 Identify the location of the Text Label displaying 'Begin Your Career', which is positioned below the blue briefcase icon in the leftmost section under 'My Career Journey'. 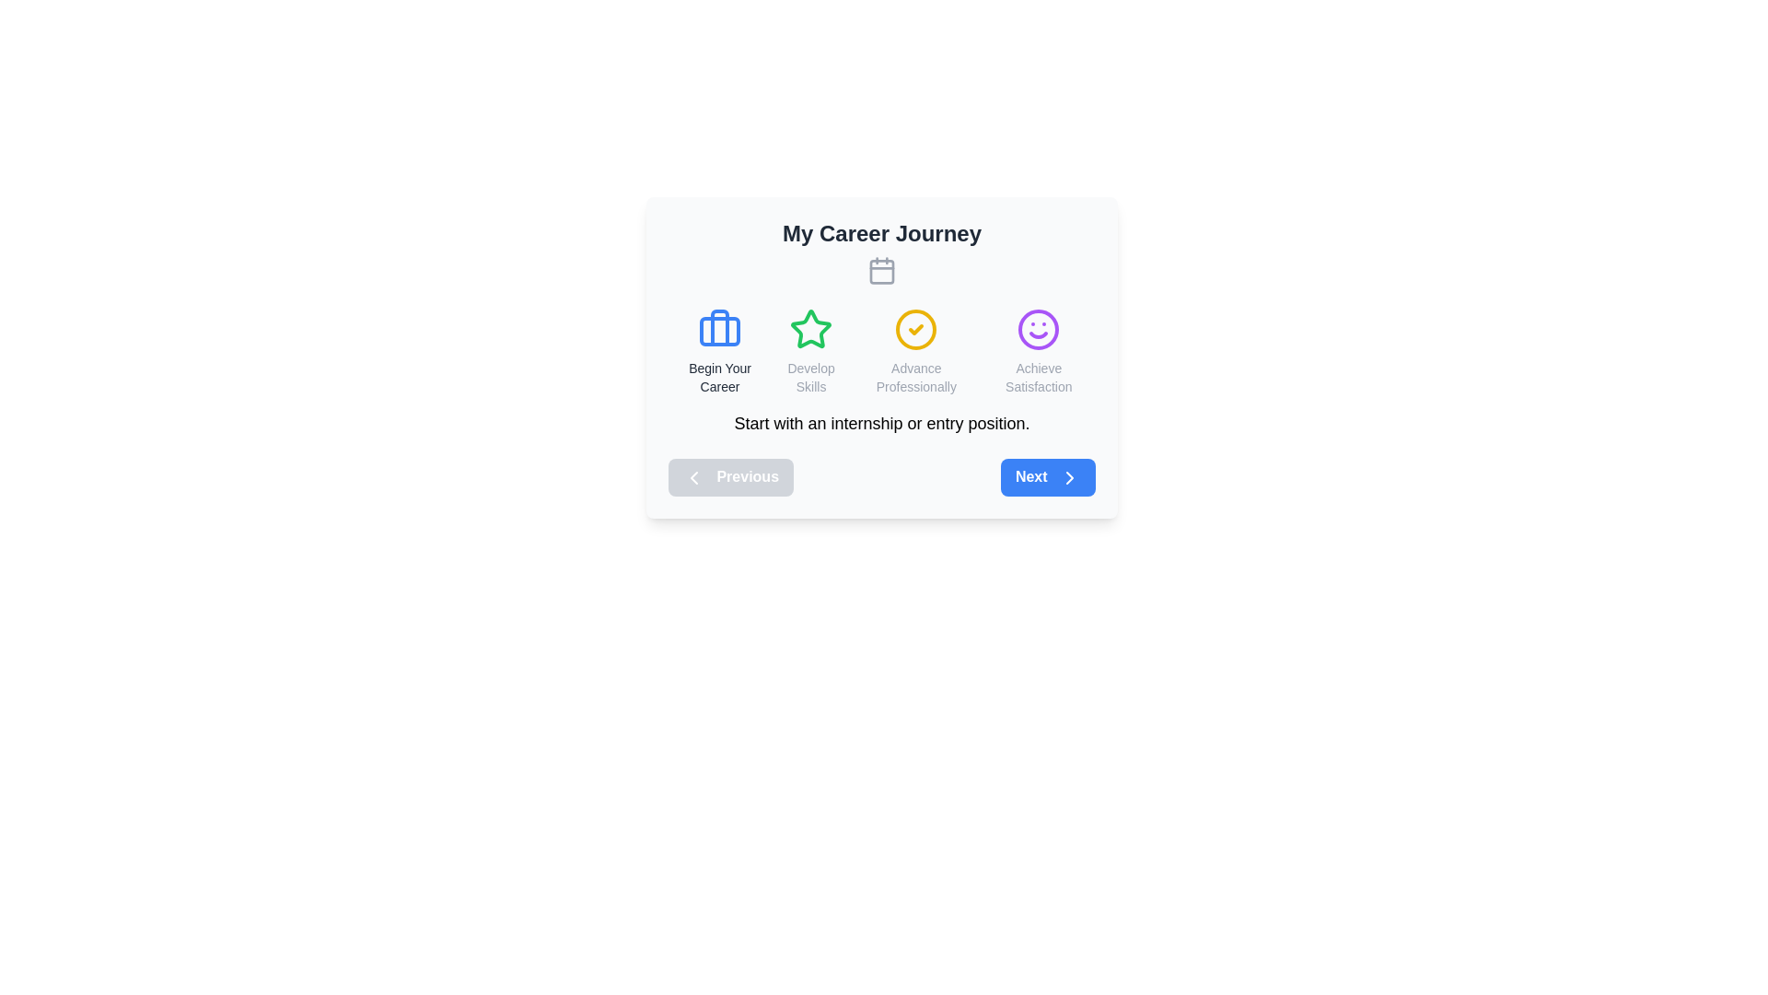
(719, 376).